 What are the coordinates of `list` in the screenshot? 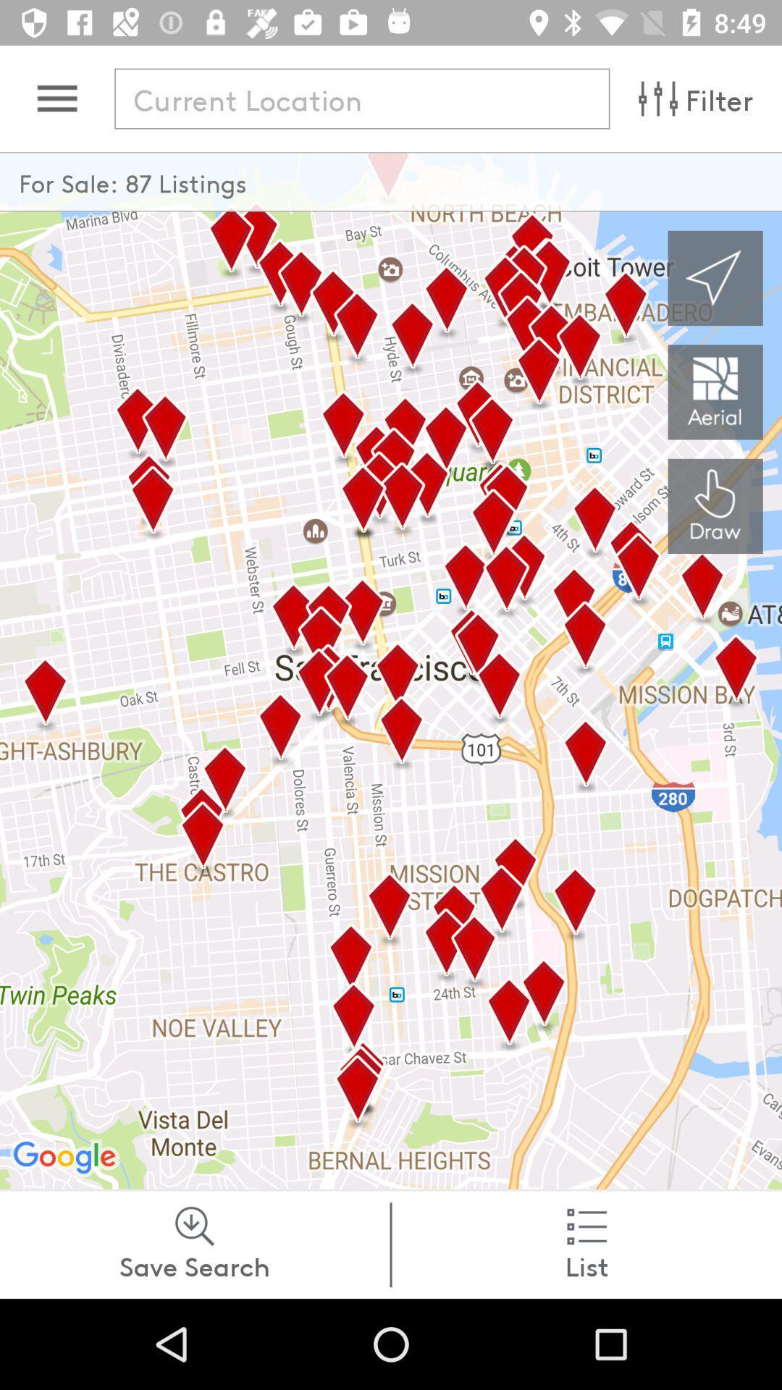 It's located at (586, 1244).